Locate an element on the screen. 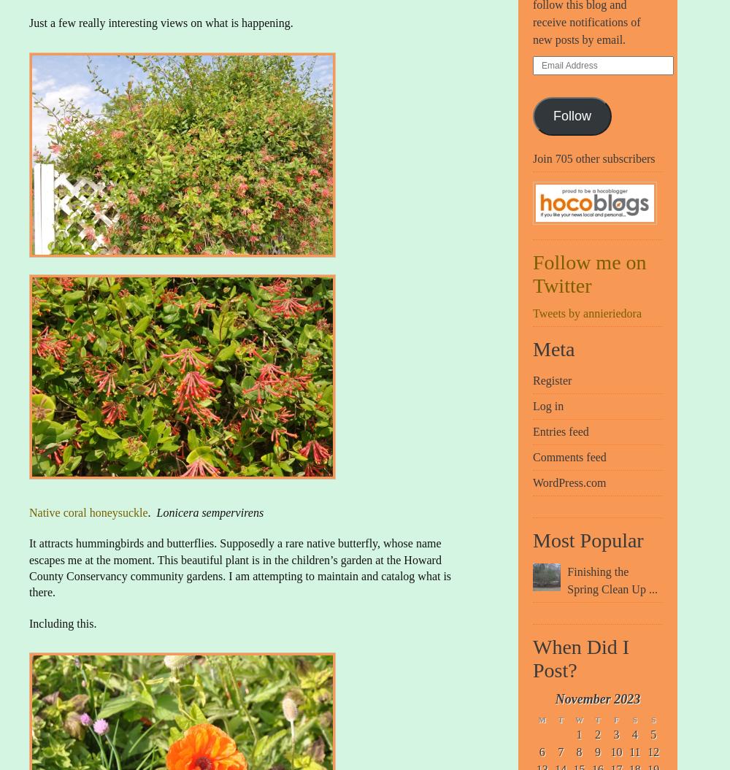  'Finishing the Spring Clean Up ...' is located at coordinates (611, 580).